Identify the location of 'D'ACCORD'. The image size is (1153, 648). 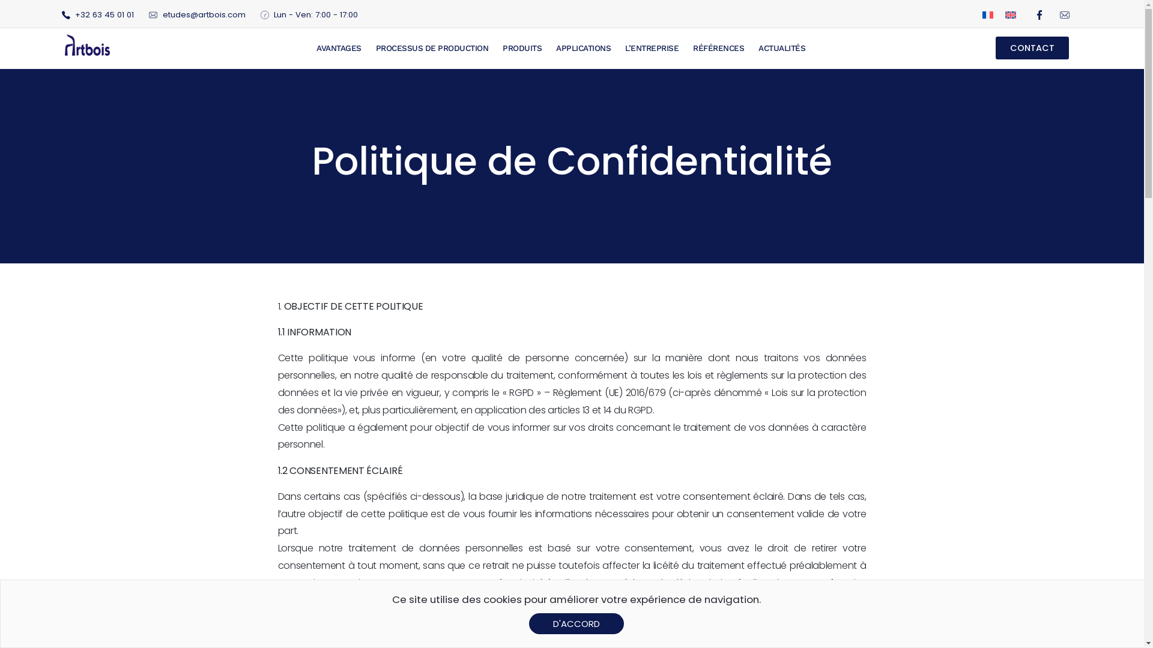
(576, 623).